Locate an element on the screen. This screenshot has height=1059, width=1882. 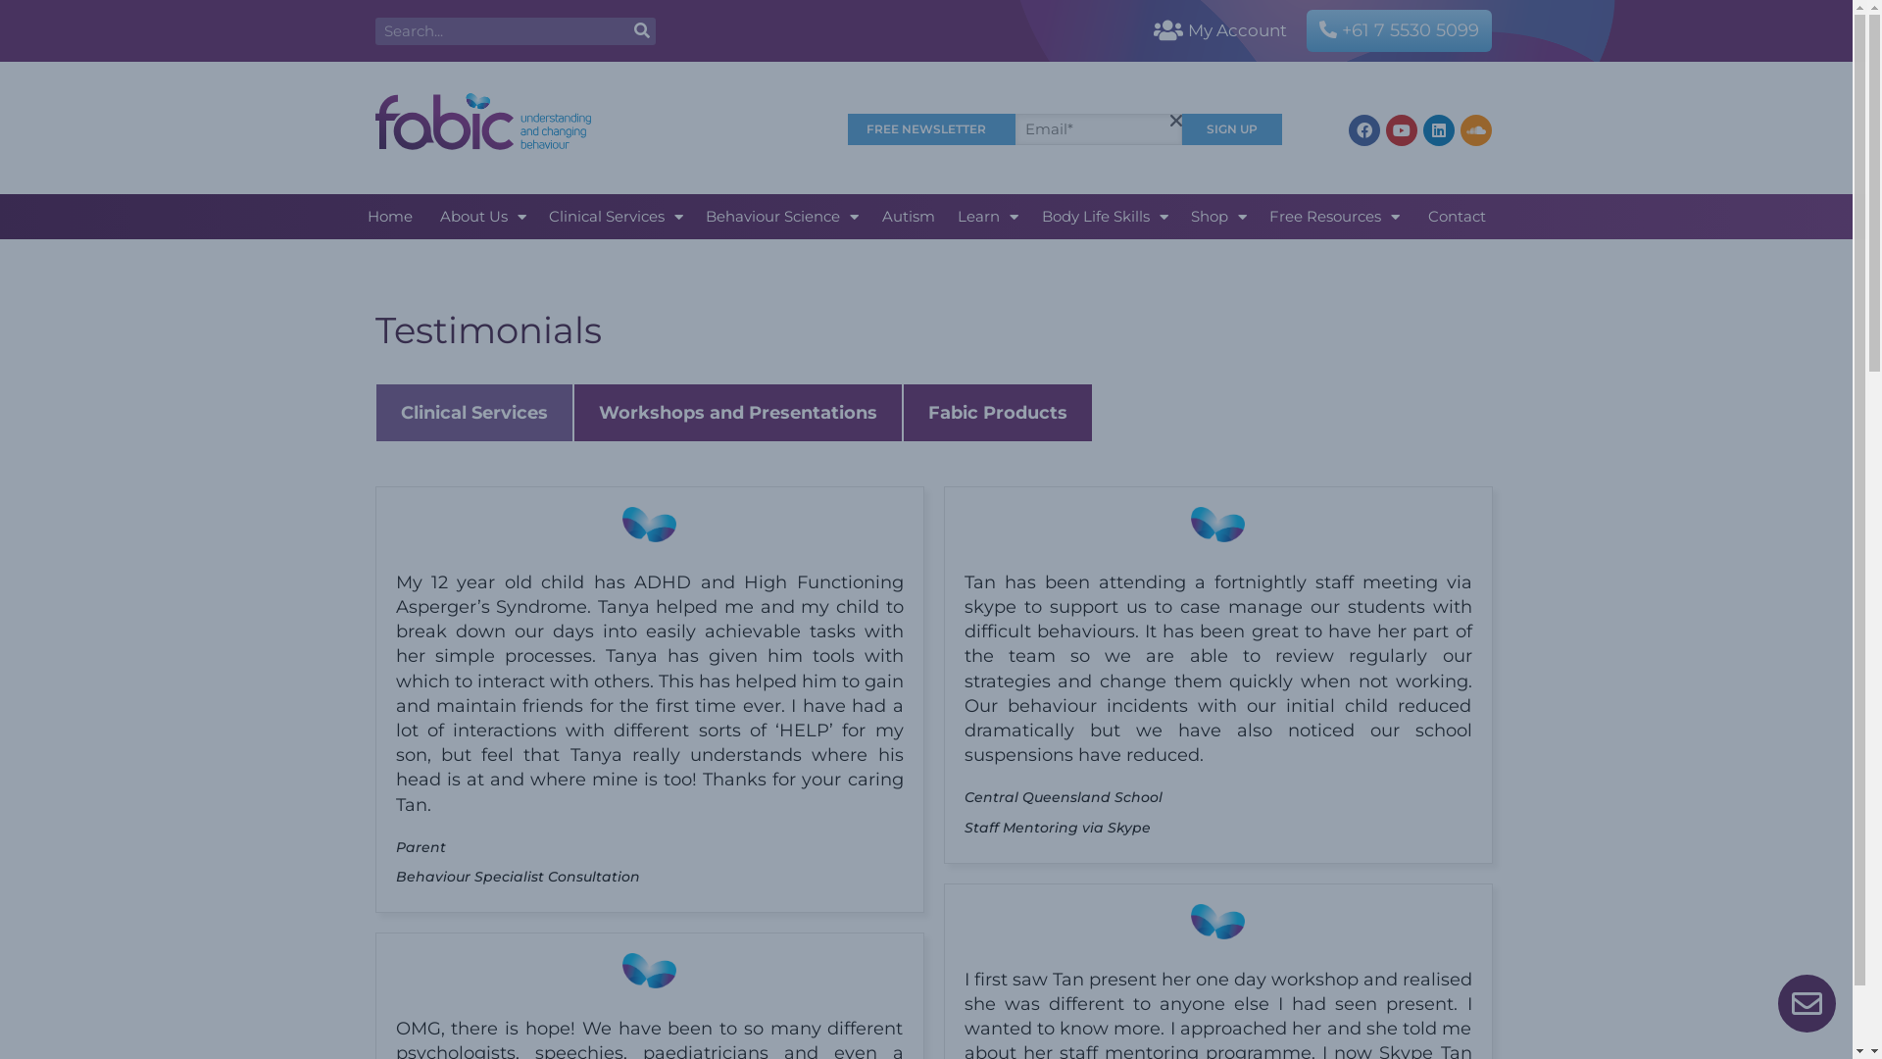
'Shop' is located at coordinates (1217, 216).